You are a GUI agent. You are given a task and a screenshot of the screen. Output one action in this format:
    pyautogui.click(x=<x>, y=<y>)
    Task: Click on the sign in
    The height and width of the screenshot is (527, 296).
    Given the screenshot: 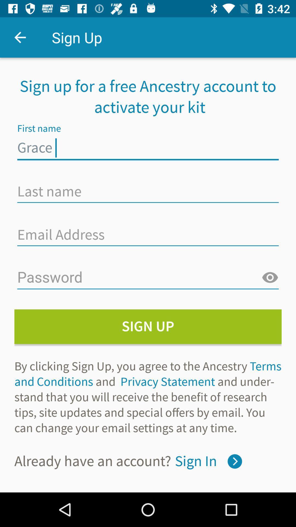 What is the action you would take?
    pyautogui.click(x=234, y=461)
    